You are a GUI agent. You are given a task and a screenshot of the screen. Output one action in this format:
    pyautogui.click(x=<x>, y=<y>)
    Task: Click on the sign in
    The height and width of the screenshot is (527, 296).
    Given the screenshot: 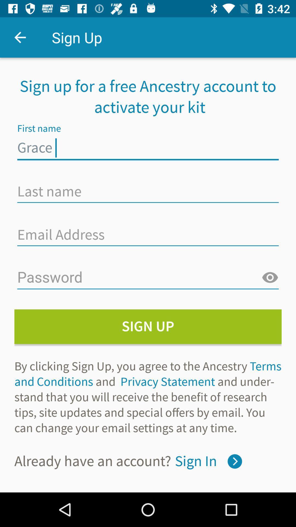 What is the action you would take?
    pyautogui.click(x=234, y=461)
    